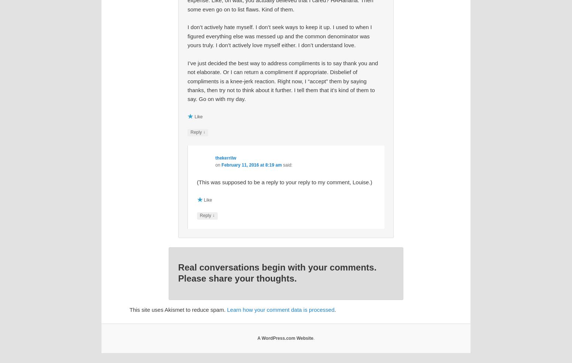  I want to click on 'Real conversations begin with your comments. Please share your thoughts.', so click(277, 272).